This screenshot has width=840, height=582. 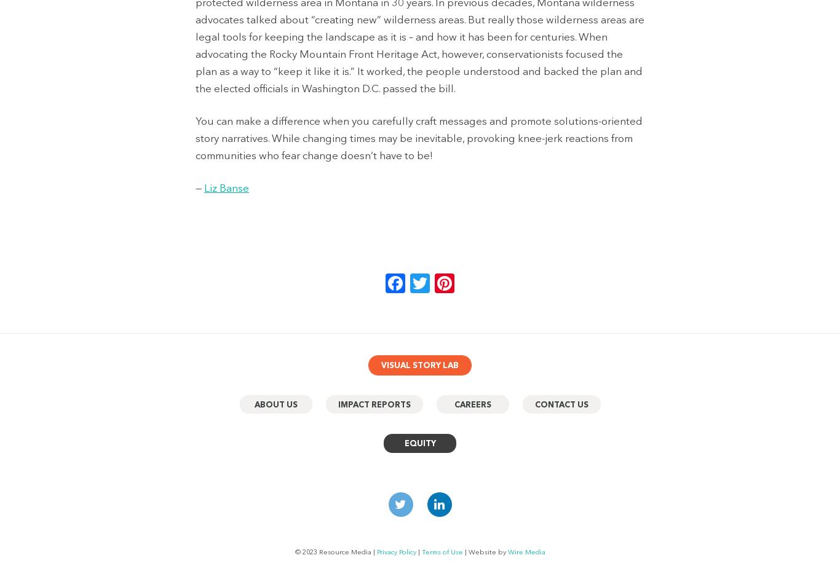 I want to click on 'Liz Banse', so click(x=226, y=187).